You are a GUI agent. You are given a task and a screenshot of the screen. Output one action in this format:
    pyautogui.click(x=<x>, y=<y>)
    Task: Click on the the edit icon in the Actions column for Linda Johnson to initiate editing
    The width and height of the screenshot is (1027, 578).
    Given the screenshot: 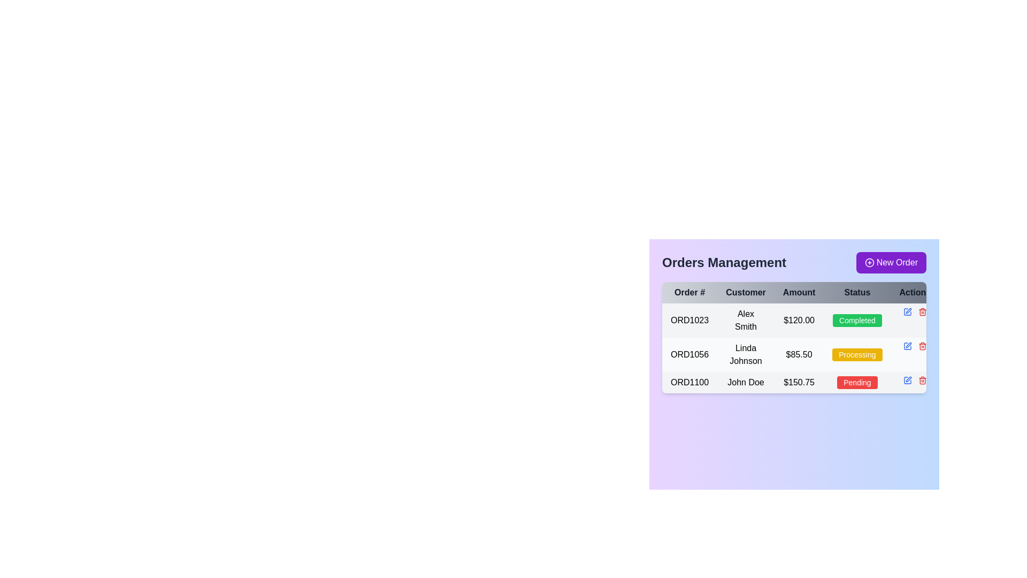 What is the action you would take?
    pyautogui.click(x=907, y=311)
    